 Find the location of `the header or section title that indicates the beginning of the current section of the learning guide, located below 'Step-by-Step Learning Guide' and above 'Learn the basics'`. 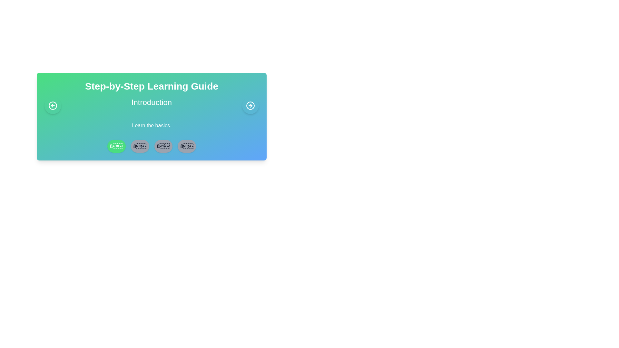

the header or section title that indicates the beginning of the current section of the learning guide, located below 'Step-by-Step Learning Guide' and above 'Learn the basics' is located at coordinates (151, 105).